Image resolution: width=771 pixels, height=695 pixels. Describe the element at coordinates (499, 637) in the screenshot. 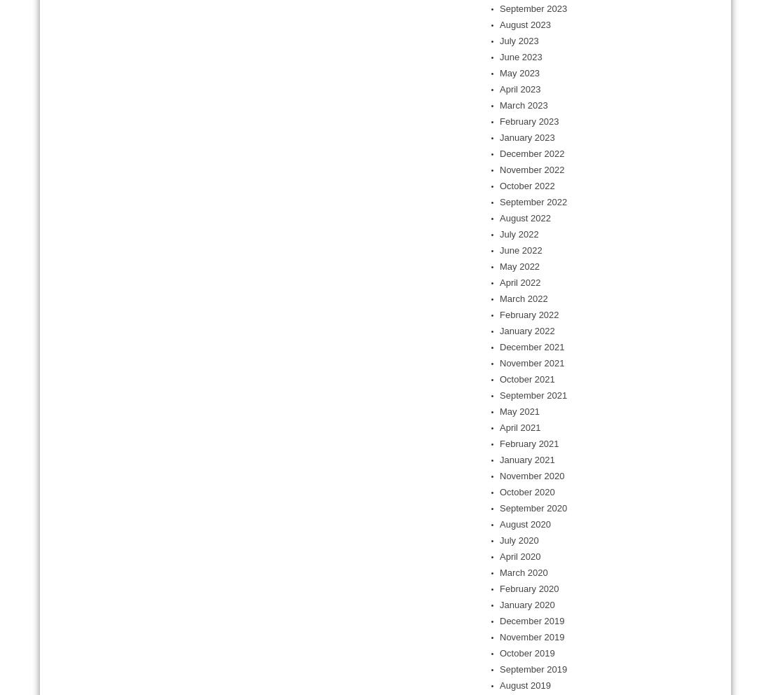

I see `'November 2019'` at that location.